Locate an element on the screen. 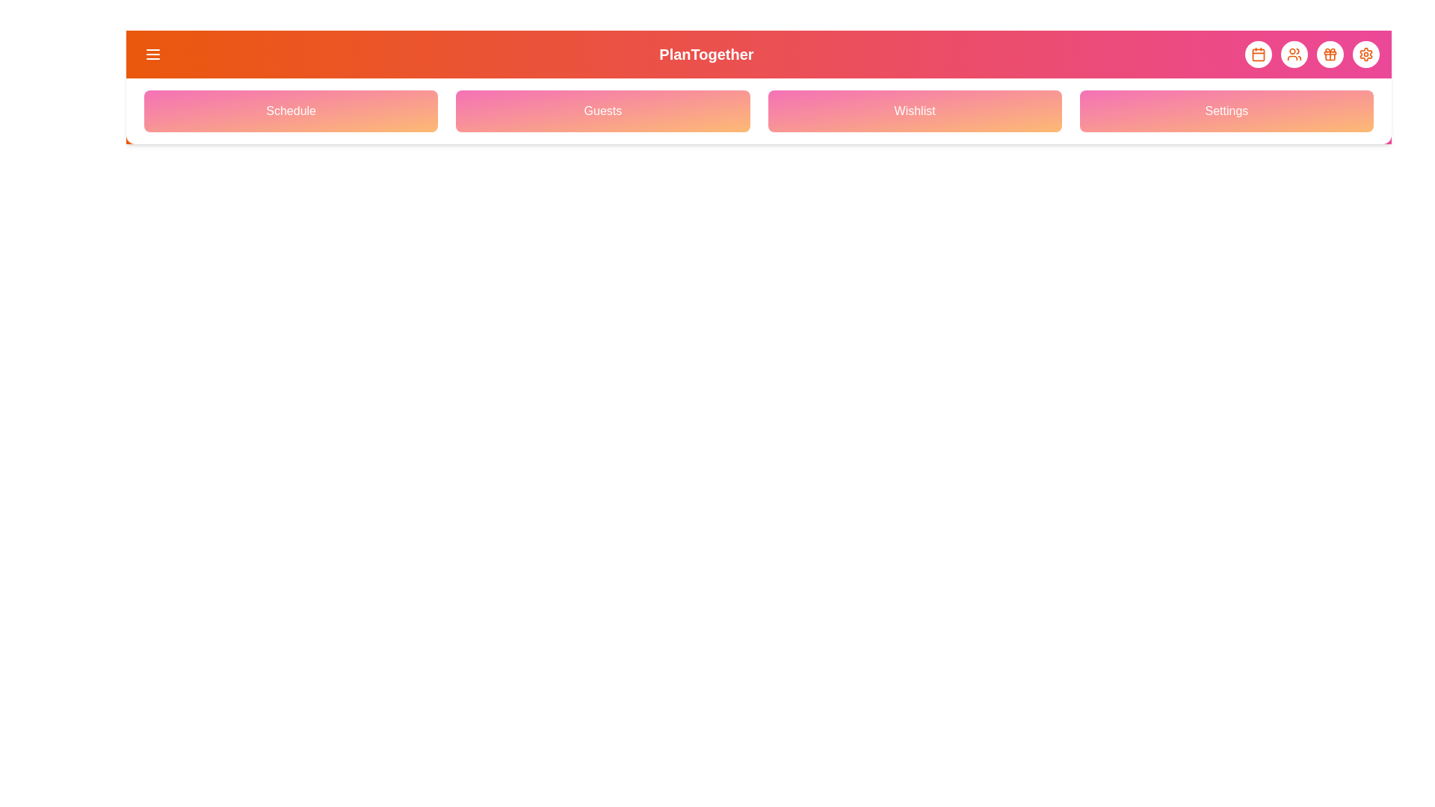 The height and width of the screenshot is (807, 1435). the element with Gift Icon to observe its hover effect is located at coordinates (1330, 54).